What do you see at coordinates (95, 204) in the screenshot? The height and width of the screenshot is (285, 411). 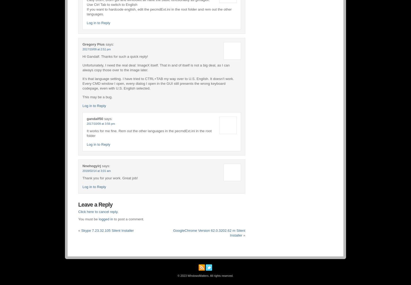 I see `'Leave a Reply'` at bounding box center [95, 204].